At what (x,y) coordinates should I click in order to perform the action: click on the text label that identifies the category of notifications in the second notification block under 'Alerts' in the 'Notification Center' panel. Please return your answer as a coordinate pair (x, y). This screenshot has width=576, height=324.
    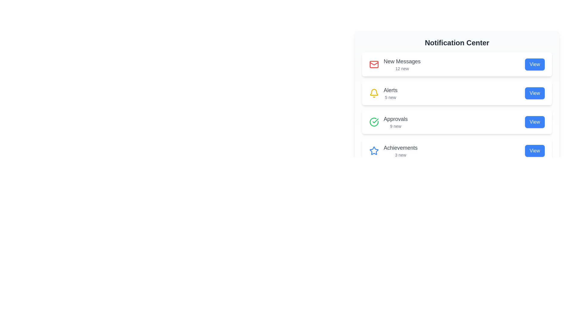
    Looking at the image, I should click on (390, 90).